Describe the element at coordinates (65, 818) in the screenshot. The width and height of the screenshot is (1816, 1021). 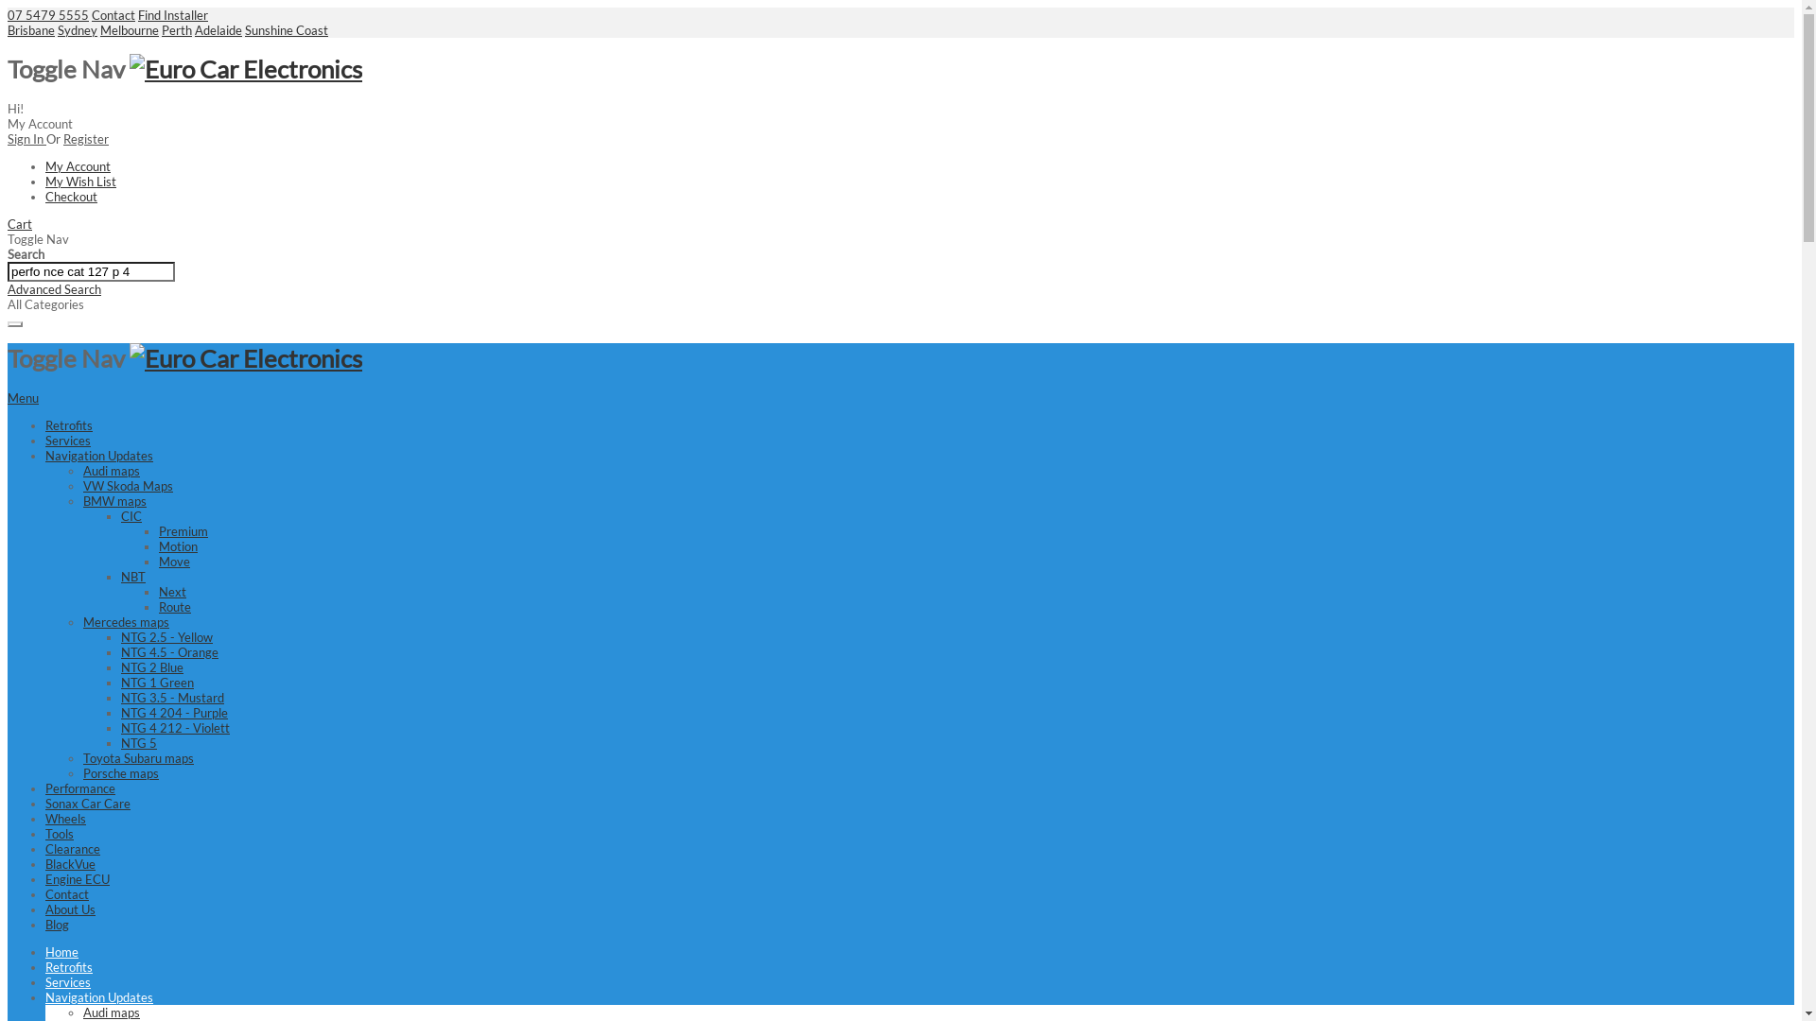
I see `'Wheels'` at that location.